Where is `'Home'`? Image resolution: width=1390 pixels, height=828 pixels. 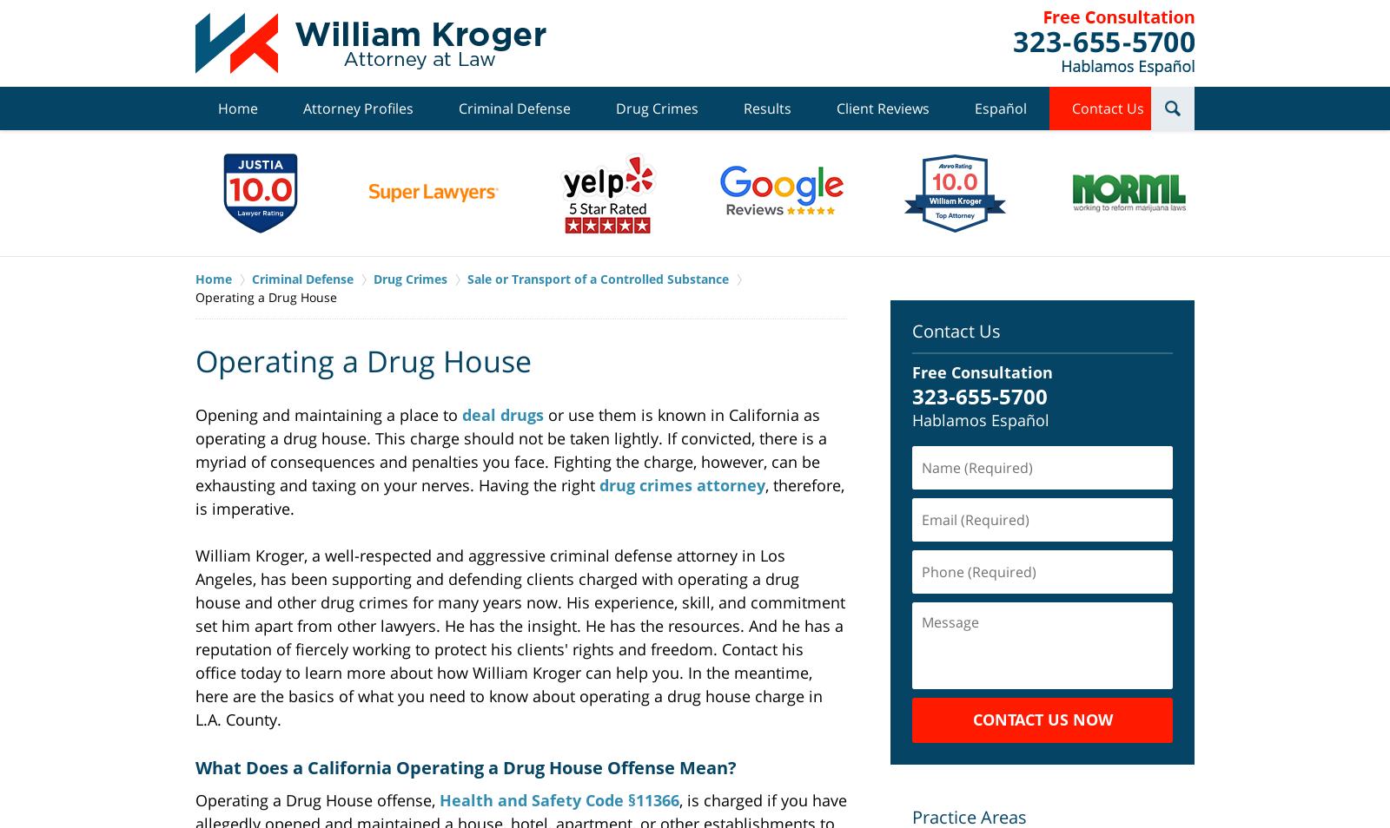
'Home' is located at coordinates (238, 107).